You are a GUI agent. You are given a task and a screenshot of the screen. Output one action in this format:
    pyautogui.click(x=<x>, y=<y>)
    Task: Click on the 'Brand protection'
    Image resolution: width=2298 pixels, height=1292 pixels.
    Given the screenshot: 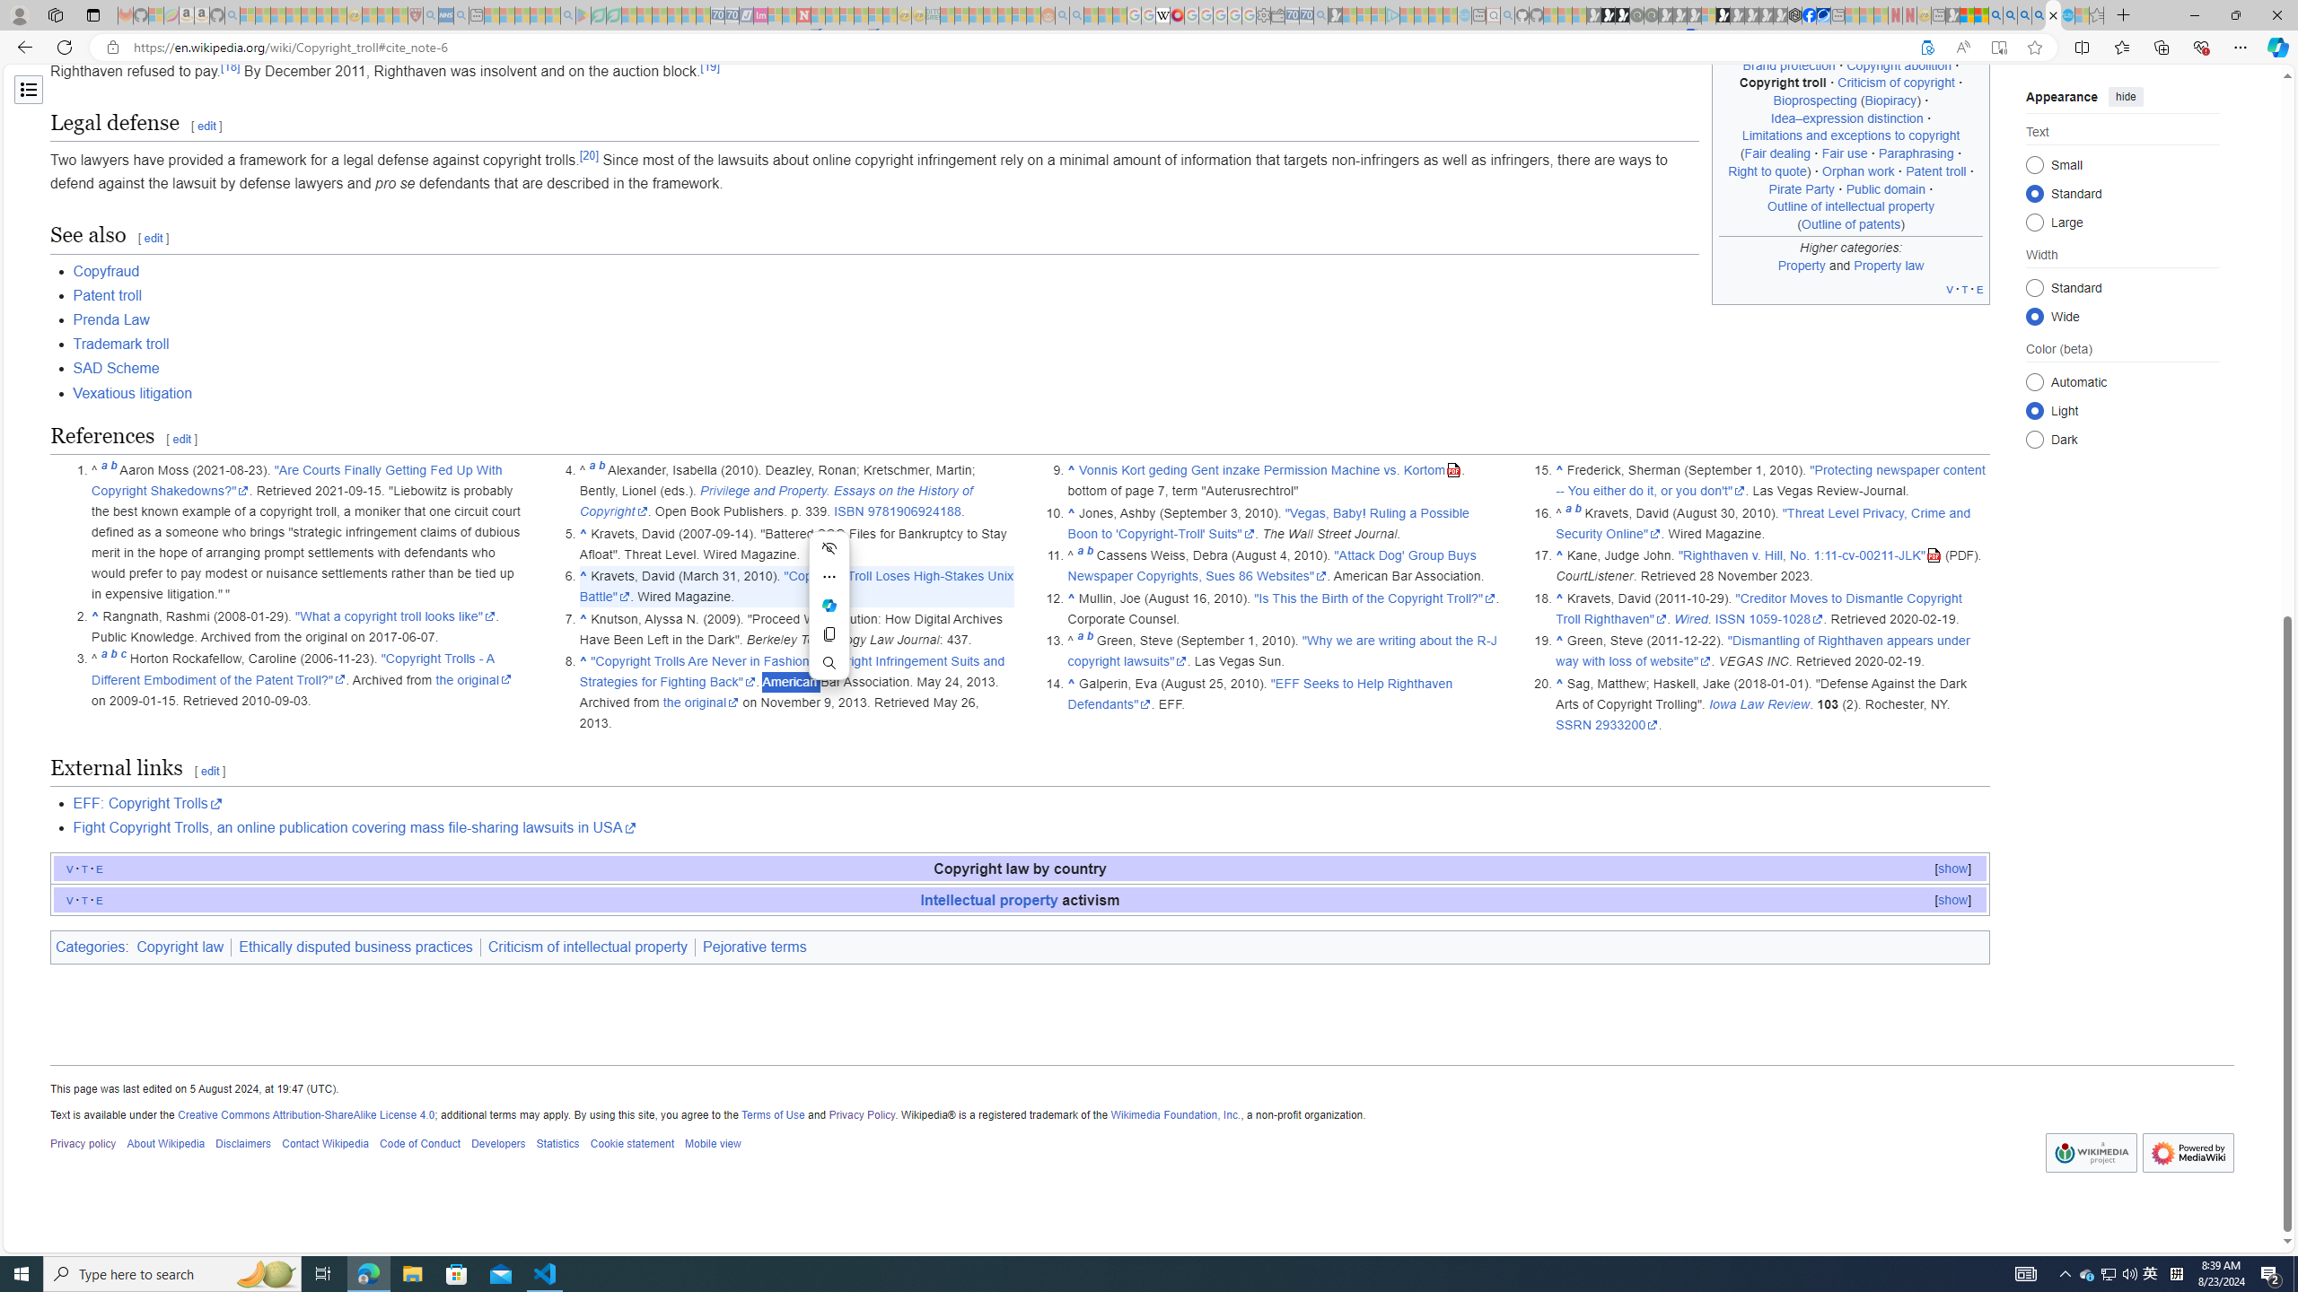 What is the action you would take?
    pyautogui.click(x=1788, y=65)
    